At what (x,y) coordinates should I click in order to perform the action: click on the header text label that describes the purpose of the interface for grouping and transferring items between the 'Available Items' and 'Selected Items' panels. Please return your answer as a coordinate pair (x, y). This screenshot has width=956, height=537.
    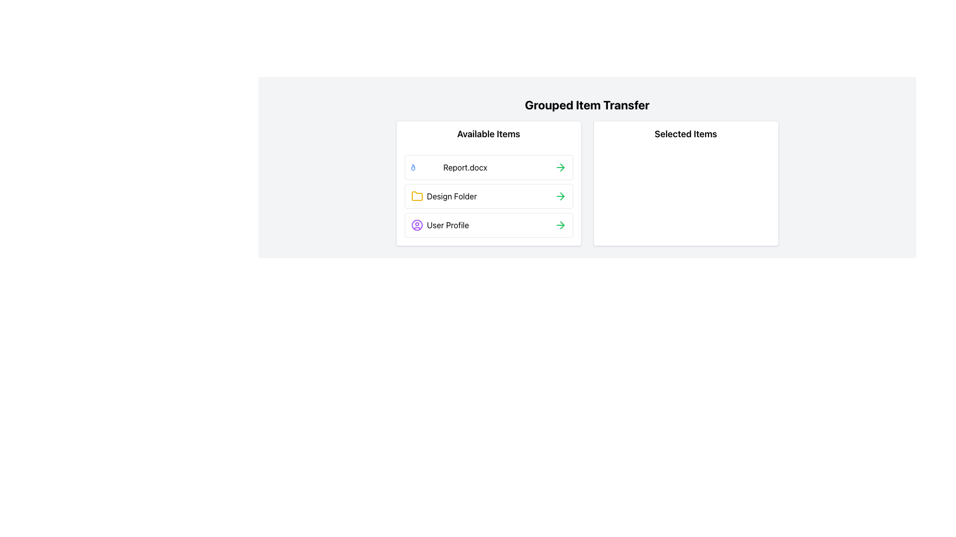
    Looking at the image, I should click on (587, 105).